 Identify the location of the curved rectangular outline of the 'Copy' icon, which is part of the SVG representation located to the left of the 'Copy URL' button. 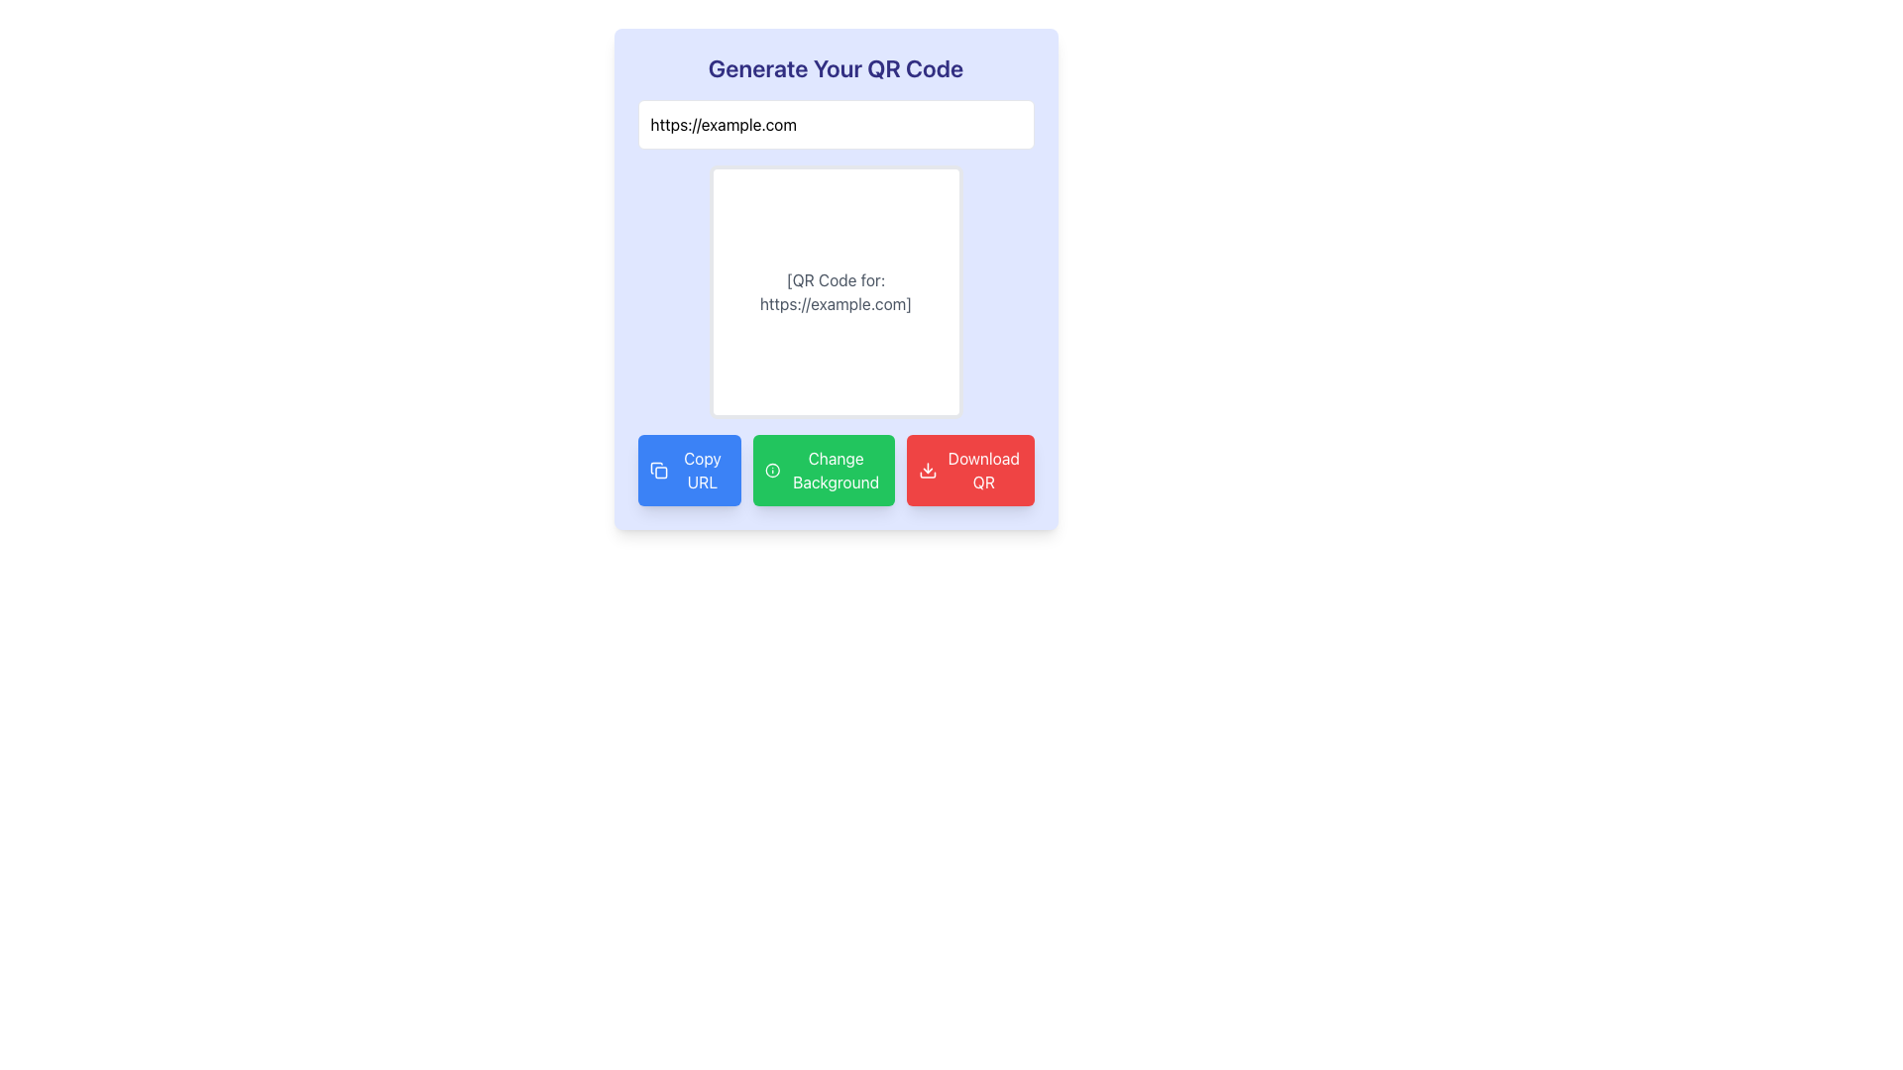
(656, 468).